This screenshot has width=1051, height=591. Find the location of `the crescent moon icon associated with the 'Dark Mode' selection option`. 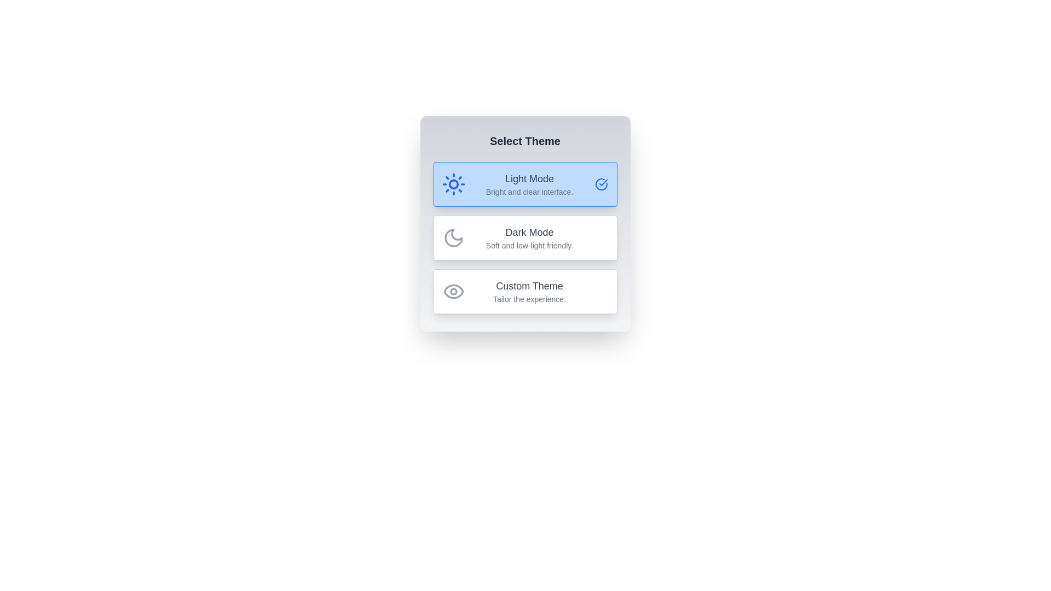

the crescent moon icon associated with the 'Dark Mode' selection option is located at coordinates (453, 237).